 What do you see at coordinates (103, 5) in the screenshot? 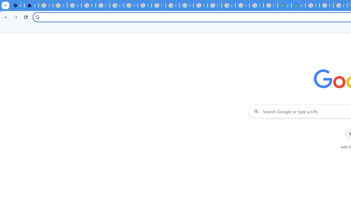
I see `'Google Account Help'` at bounding box center [103, 5].